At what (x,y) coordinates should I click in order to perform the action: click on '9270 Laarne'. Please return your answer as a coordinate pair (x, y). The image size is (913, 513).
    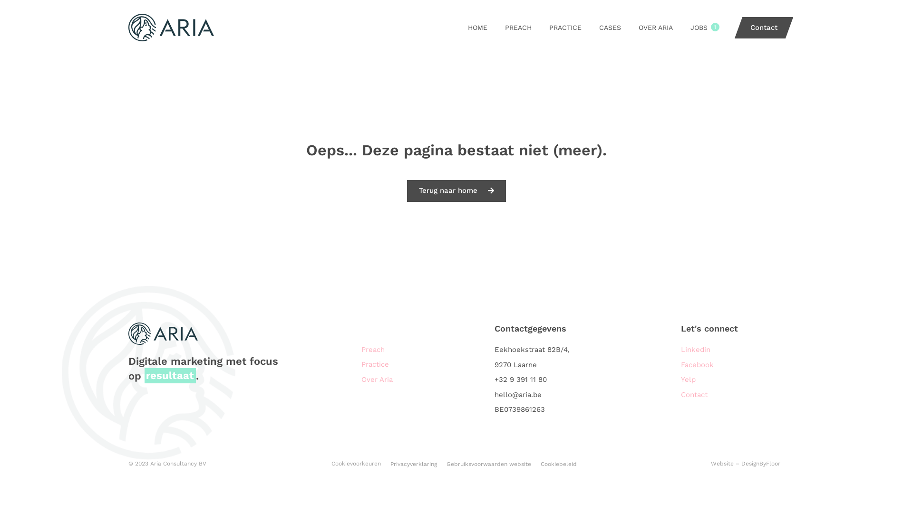
    Looking at the image, I should click on (495, 364).